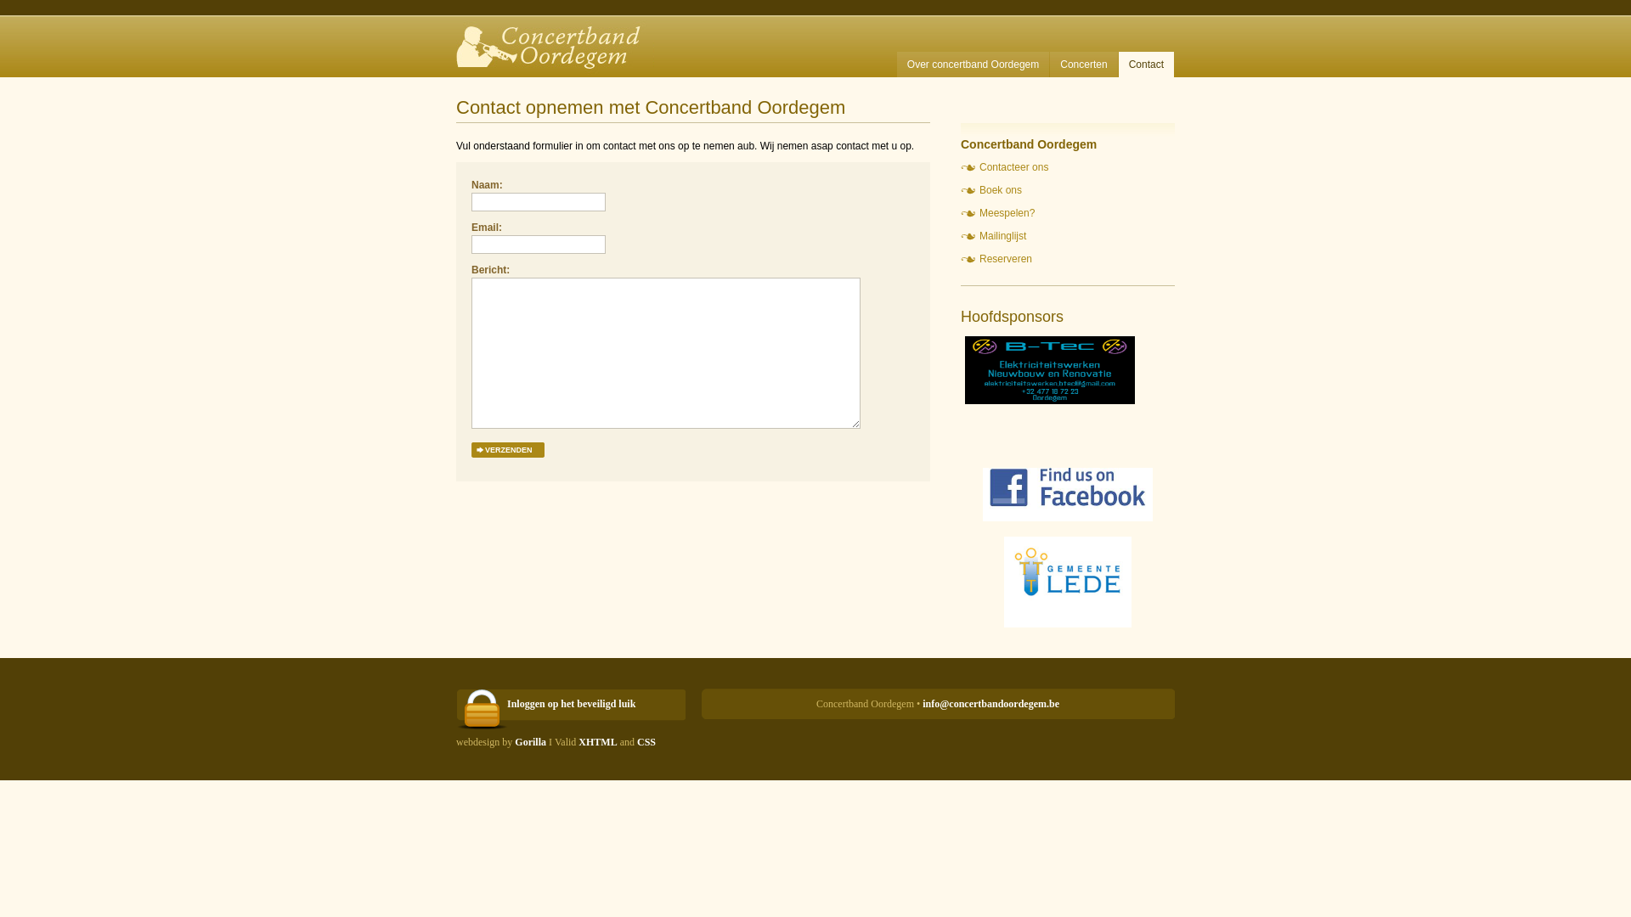 This screenshot has width=1631, height=917. I want to click on 'Contact', so click(1146, 64).